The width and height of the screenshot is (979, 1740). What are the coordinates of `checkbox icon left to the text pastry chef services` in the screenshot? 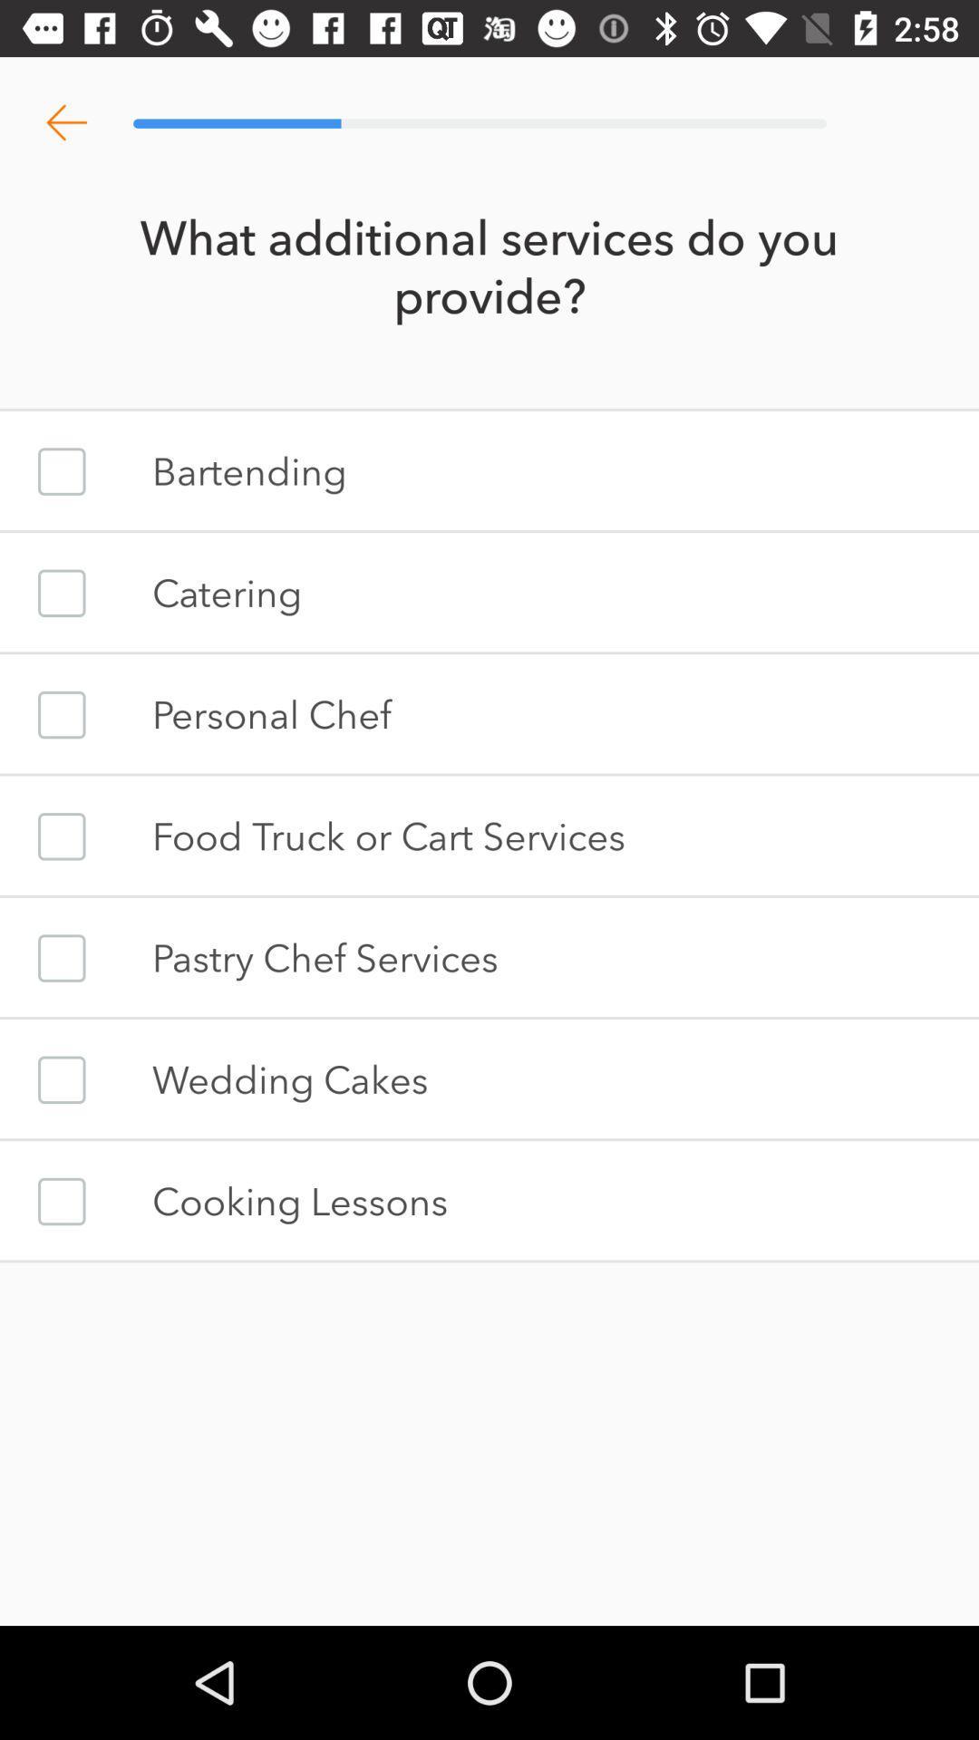 It's located at (61, 957).